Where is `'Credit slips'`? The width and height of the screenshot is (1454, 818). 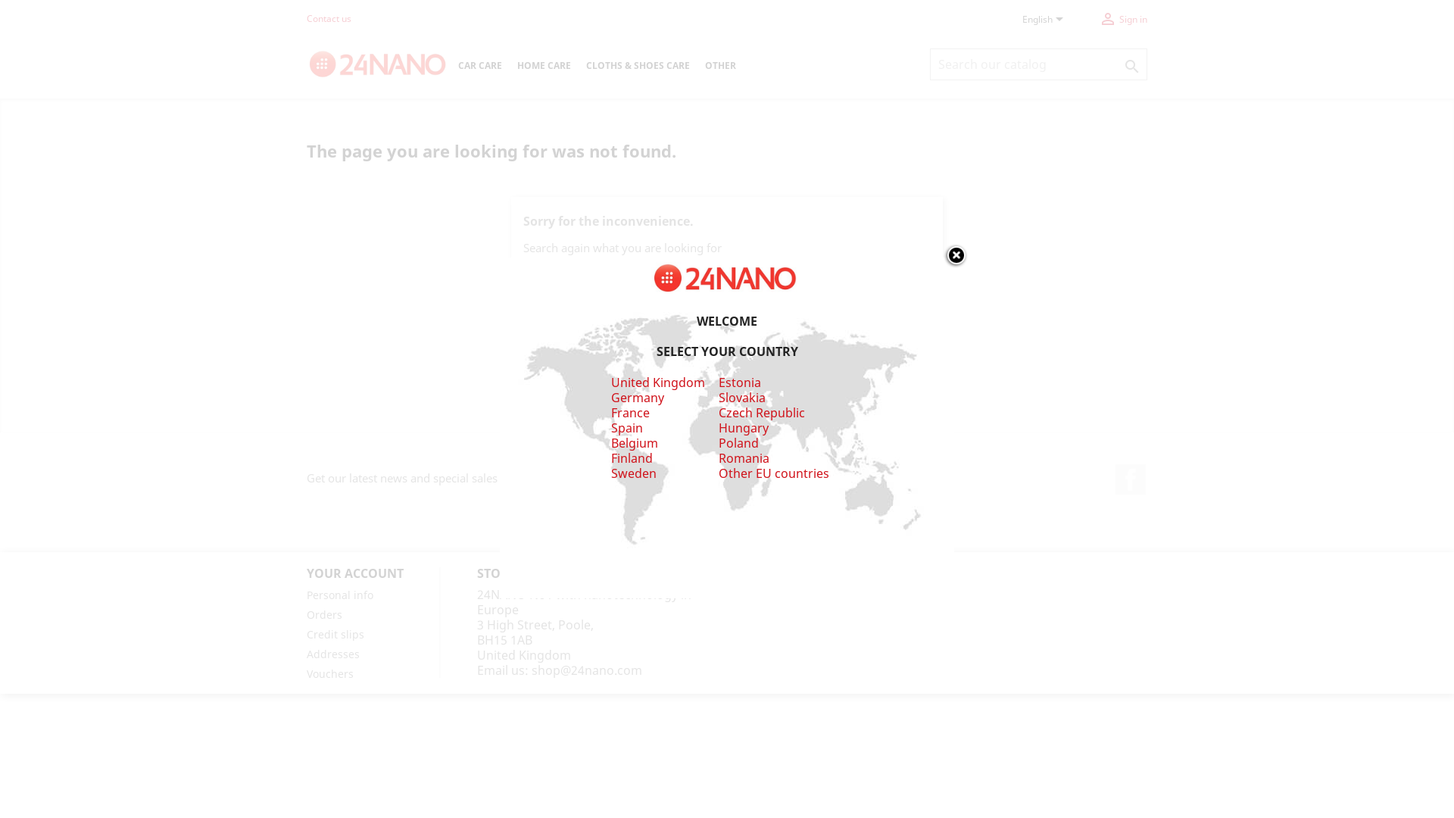
'Credit slips' is located at coordinates (334, 634).